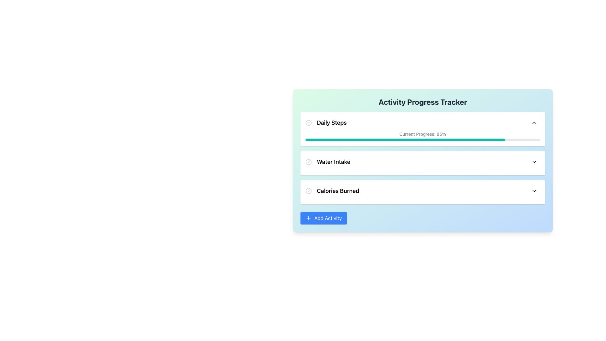  What do you see at coordinates (309, 191) in the screenshot?
I see `the status icon located to the left of the 'Calories Burned' text to interact with it` at bounding box center [309, 191].